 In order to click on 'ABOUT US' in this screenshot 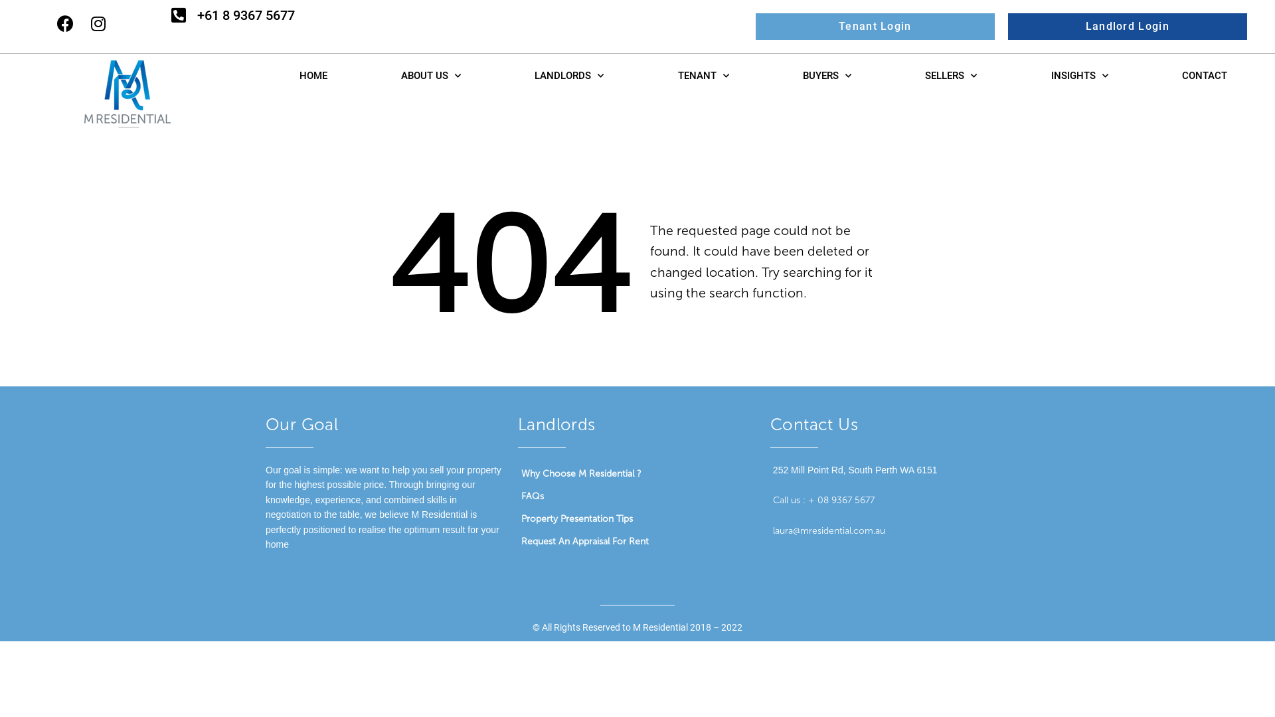, I will do `click(363, 76)`.